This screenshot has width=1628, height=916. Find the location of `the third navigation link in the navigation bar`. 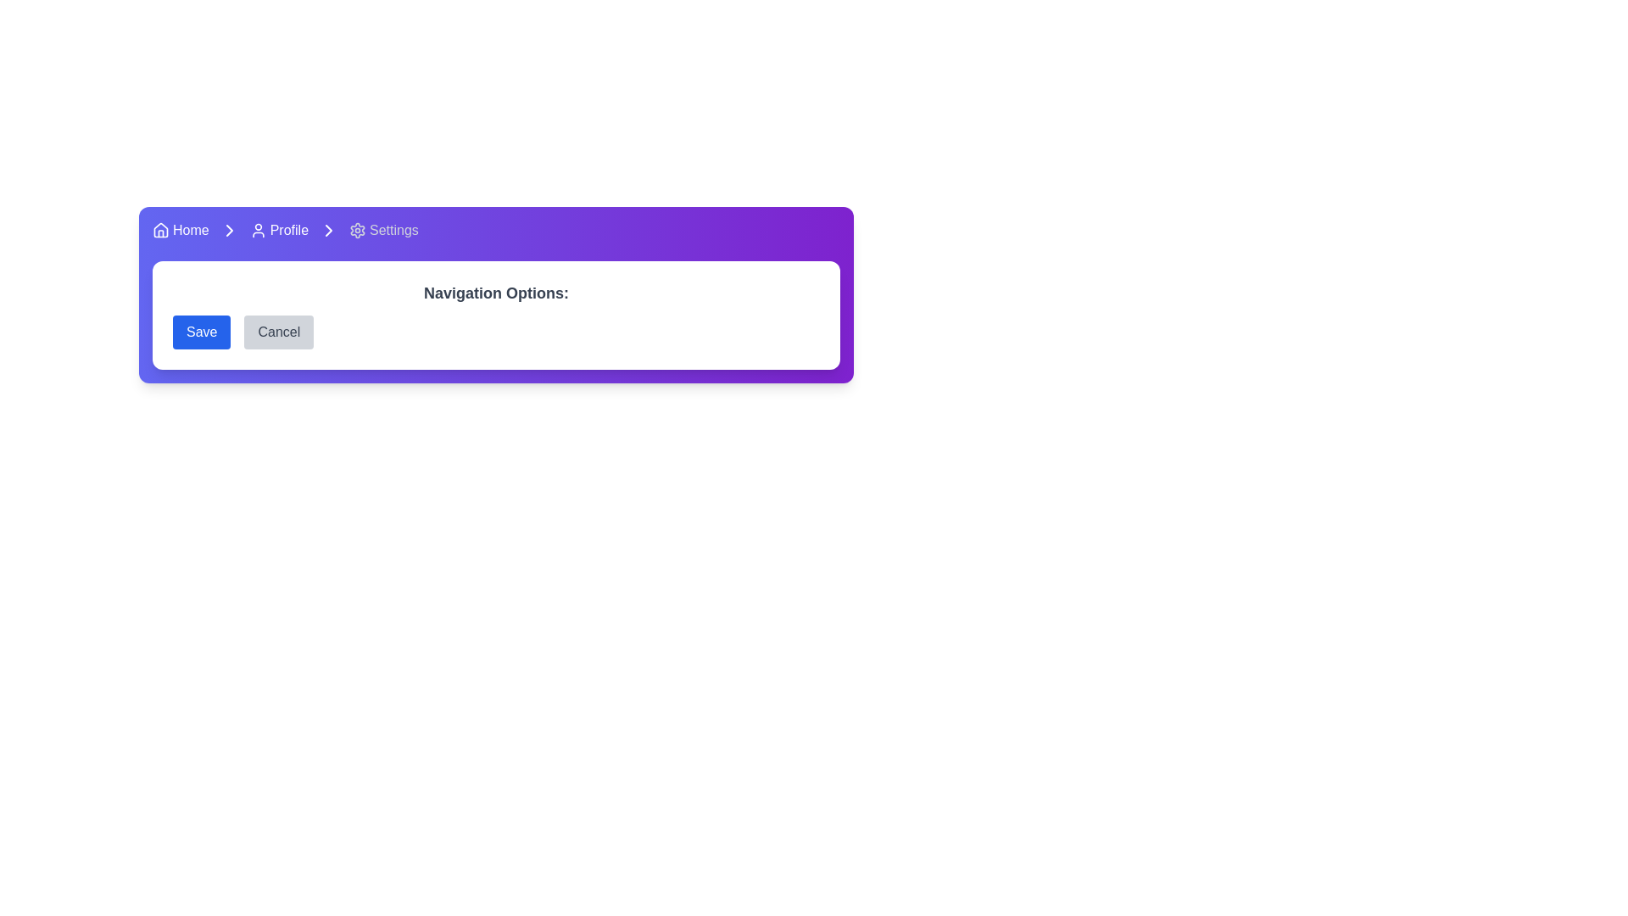

the third navigation link in the navigation bar is located at coordinates (382, 231).